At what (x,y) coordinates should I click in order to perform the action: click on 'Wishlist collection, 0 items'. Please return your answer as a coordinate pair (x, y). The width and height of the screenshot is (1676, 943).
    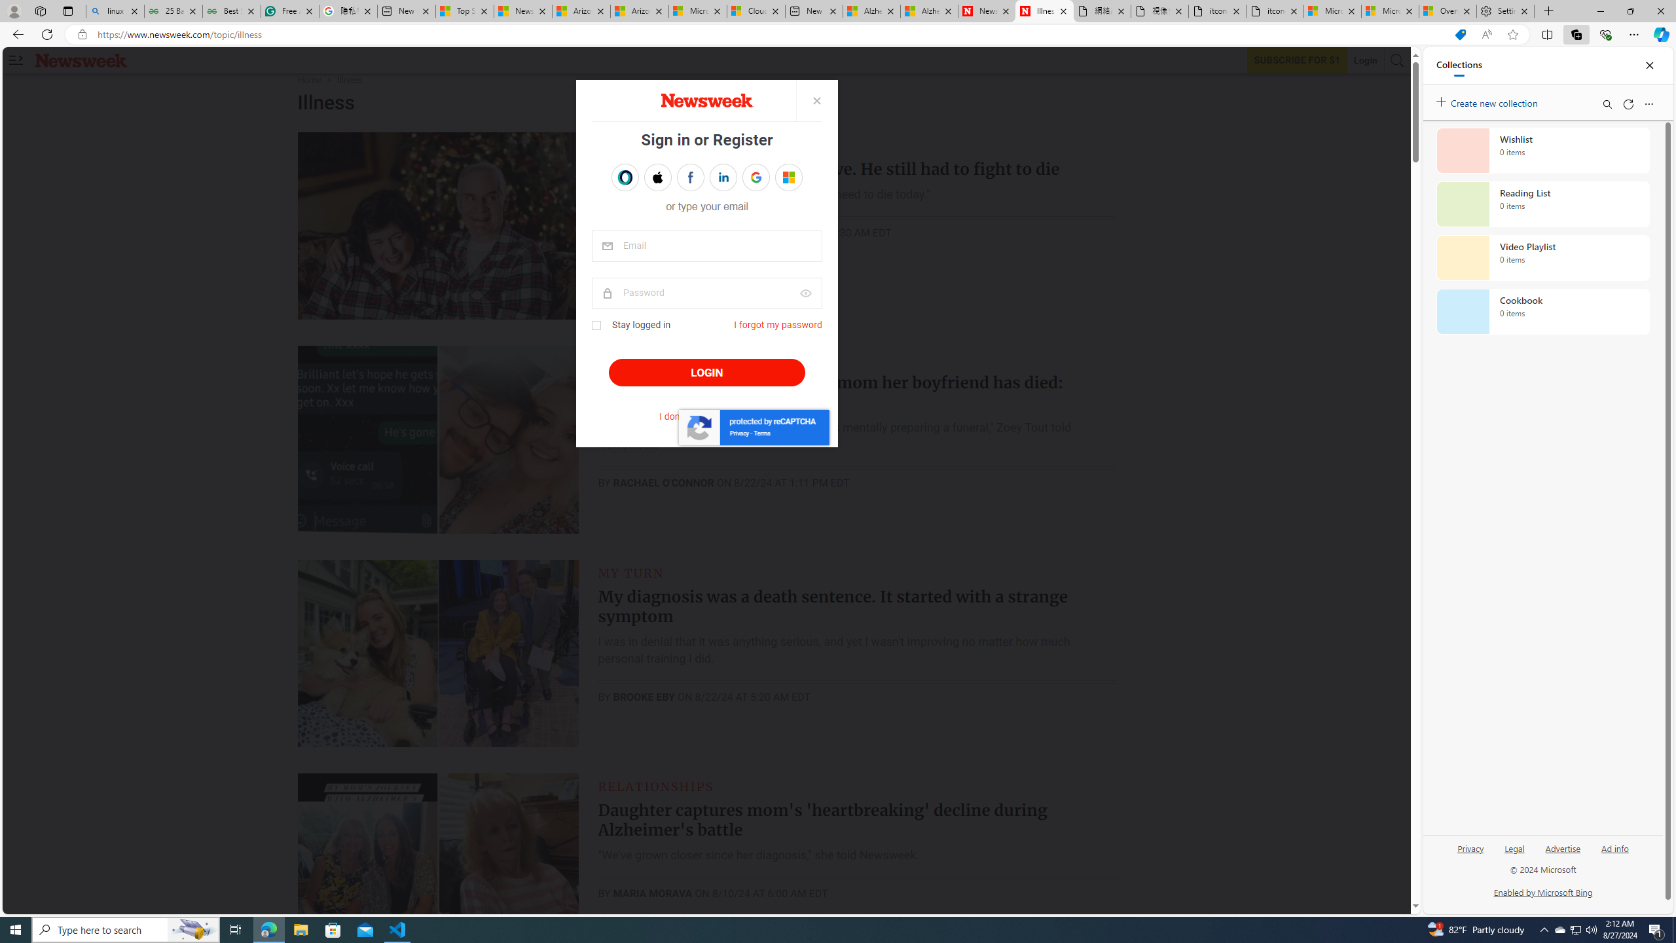
    Looking at the image, I should click on (1542, 150).